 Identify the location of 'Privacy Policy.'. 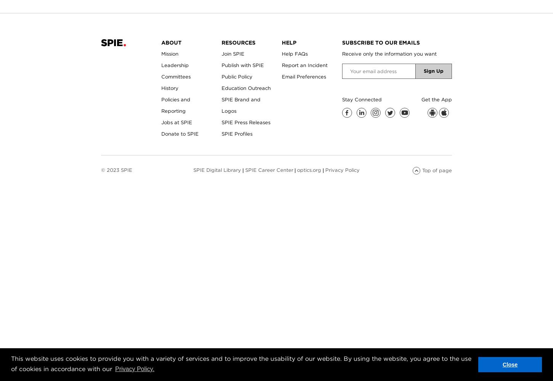
(134, 368).